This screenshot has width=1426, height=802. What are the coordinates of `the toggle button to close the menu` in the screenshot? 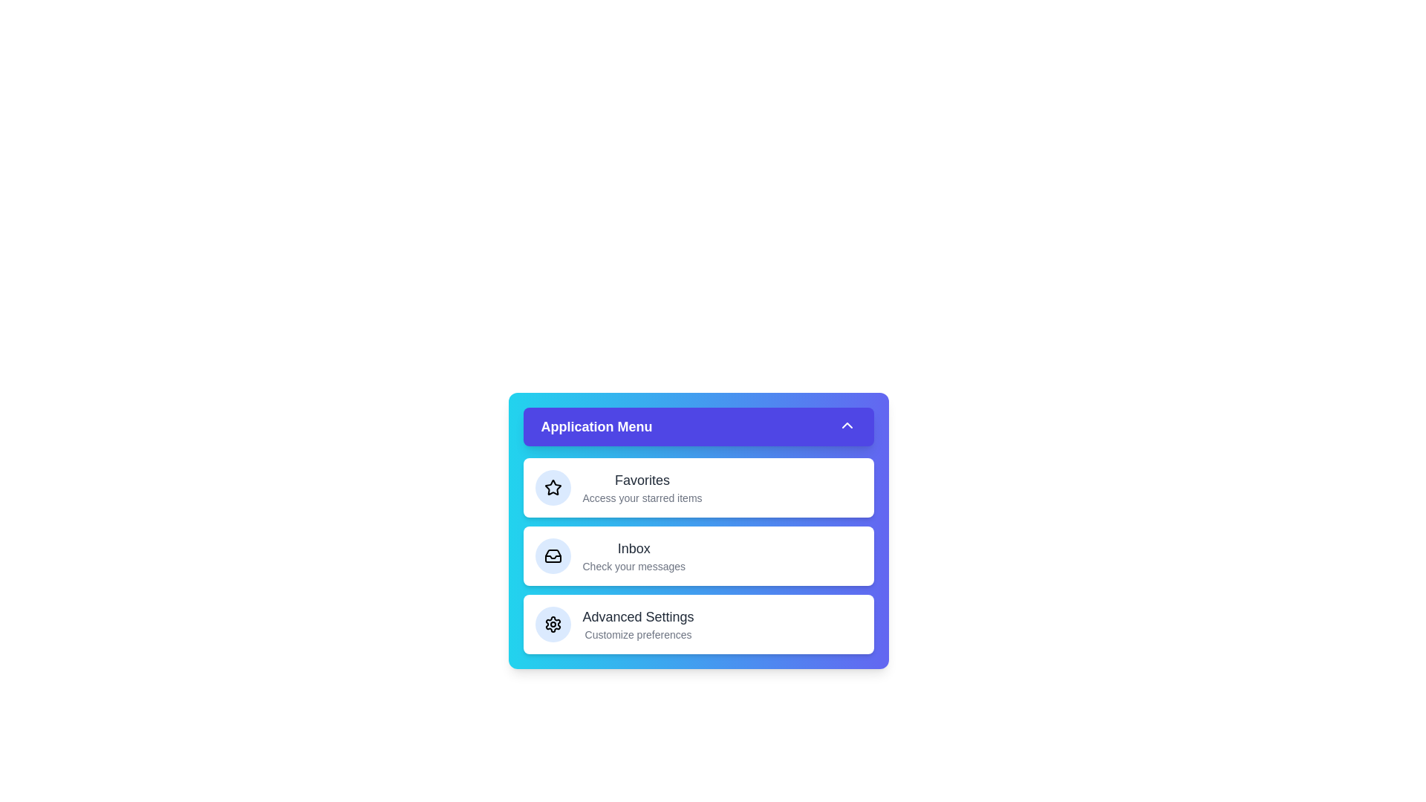 It's located at (697, 426).